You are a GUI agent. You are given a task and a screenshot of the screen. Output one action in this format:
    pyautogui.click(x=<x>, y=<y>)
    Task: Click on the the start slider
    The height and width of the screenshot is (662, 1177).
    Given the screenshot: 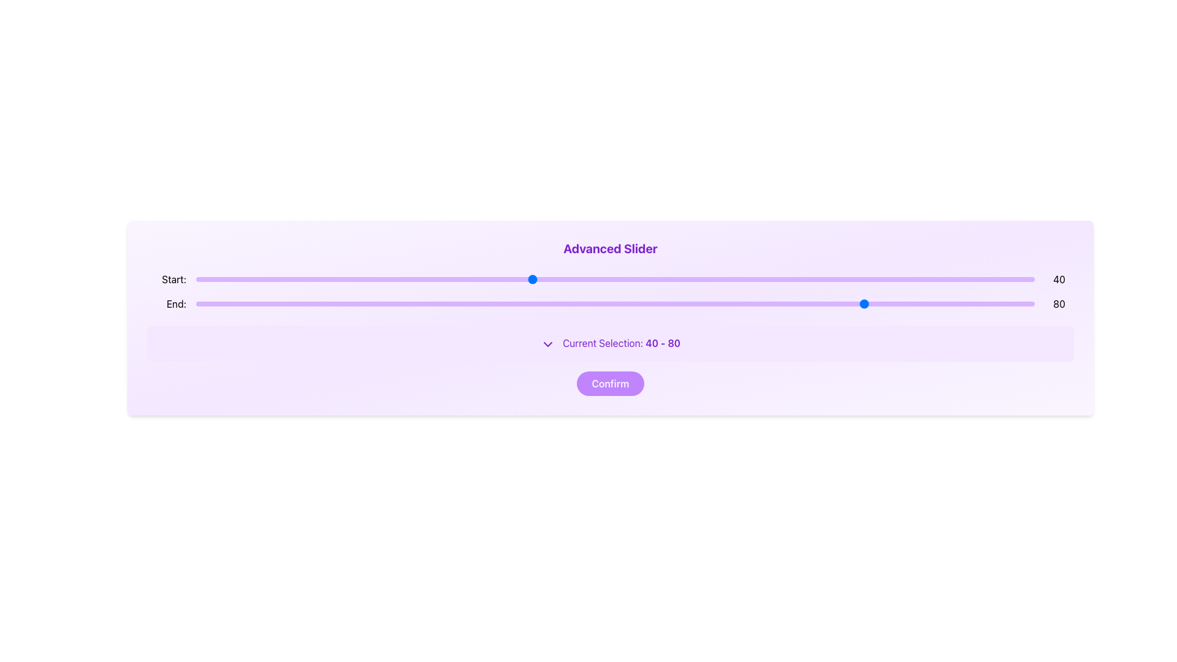 What is the action you would take?
    pyautogui.click(x=573, y=279)
    